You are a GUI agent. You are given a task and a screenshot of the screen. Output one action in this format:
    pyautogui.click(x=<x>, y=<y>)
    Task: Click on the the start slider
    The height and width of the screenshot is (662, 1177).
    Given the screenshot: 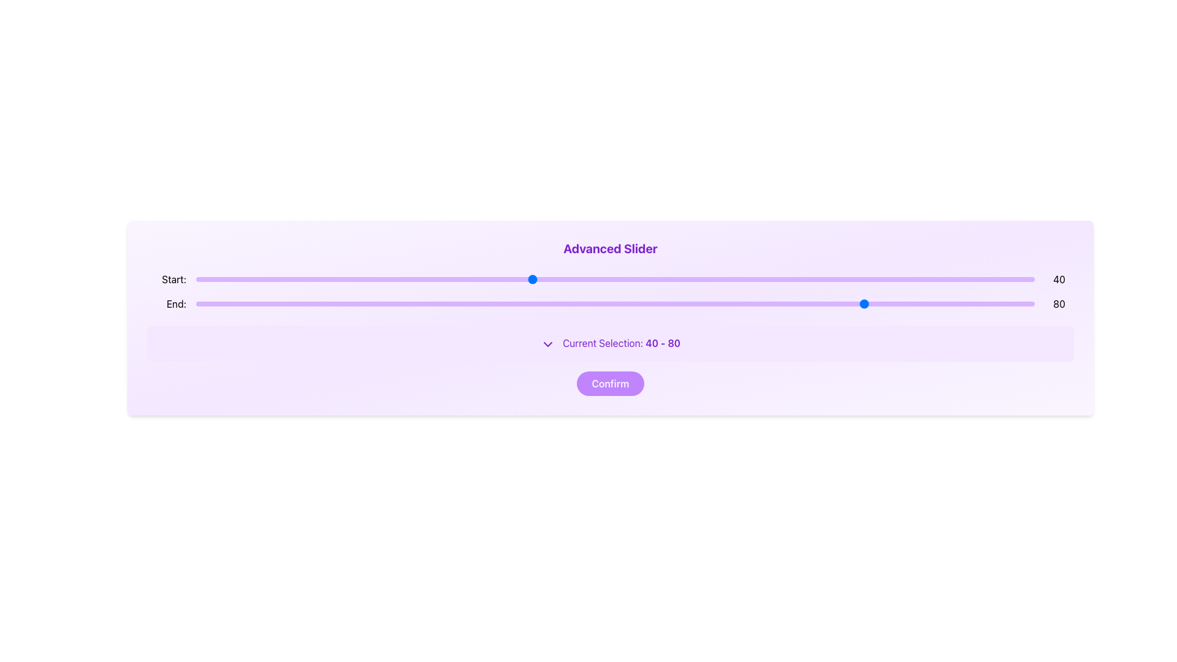 What is the action you would take?
    pyautogui.click(x=573, y=279)
    